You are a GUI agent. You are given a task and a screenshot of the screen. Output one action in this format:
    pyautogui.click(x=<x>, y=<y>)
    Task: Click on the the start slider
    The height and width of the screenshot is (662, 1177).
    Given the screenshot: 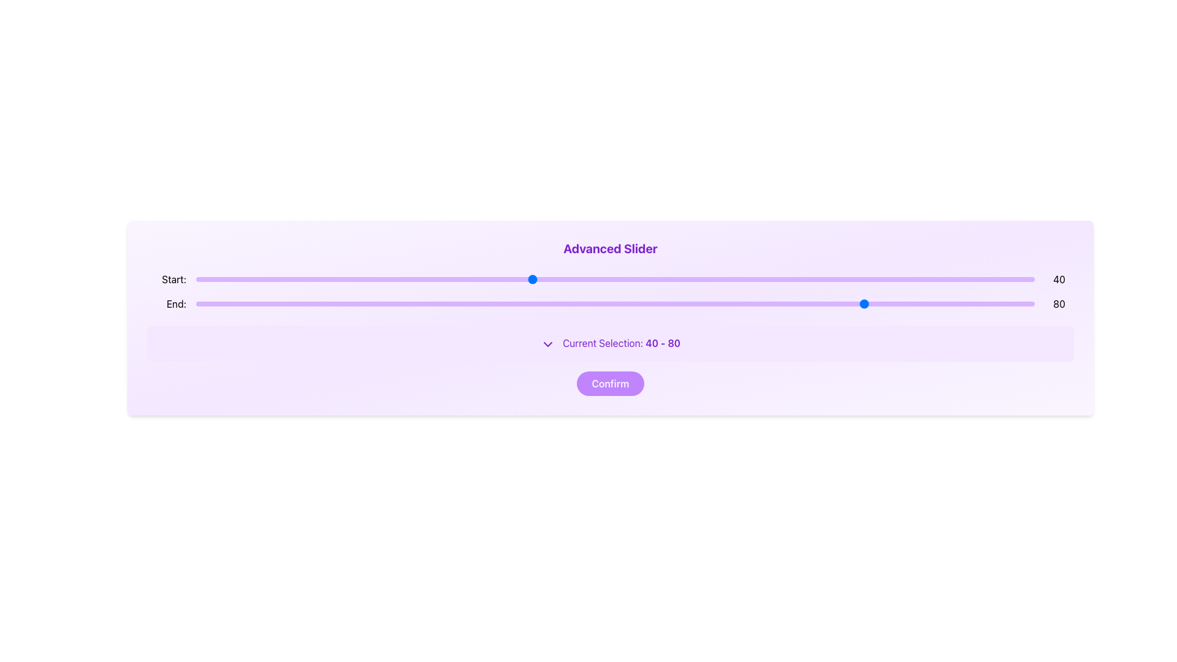 What is the action you would take?
    pyautogui.click(x=573, y=279)
    